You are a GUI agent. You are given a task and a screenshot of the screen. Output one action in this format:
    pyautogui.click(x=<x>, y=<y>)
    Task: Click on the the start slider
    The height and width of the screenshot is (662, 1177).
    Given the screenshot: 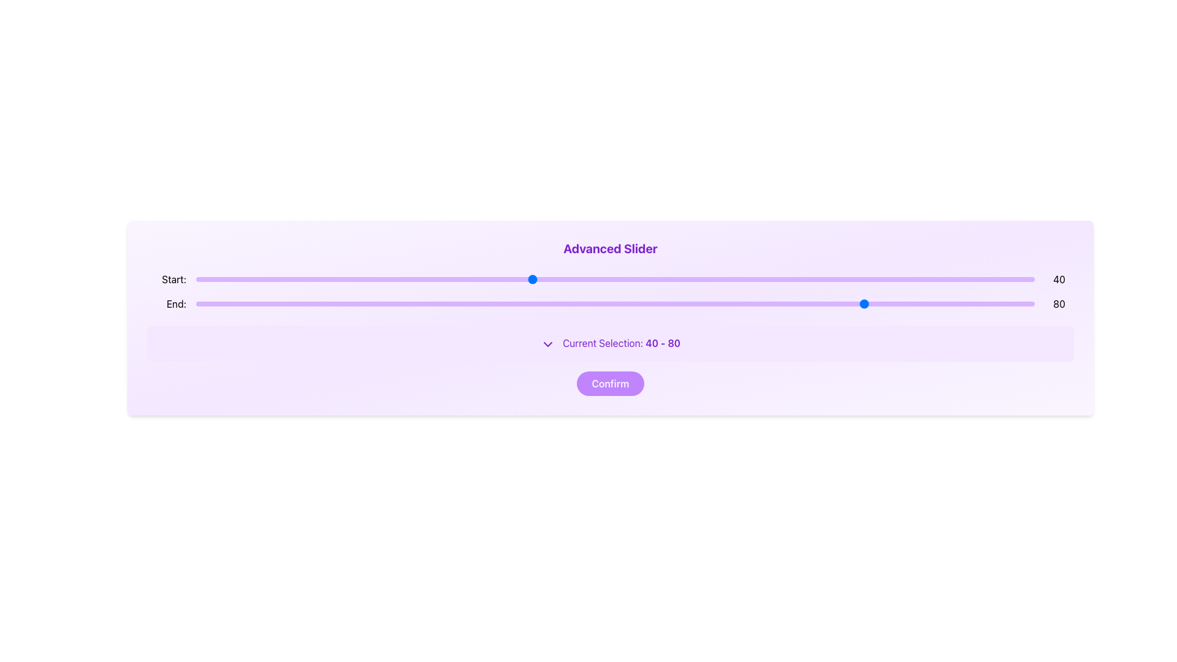 What is the action you would take?
    pyautogui.click(x=573, y=279)
    